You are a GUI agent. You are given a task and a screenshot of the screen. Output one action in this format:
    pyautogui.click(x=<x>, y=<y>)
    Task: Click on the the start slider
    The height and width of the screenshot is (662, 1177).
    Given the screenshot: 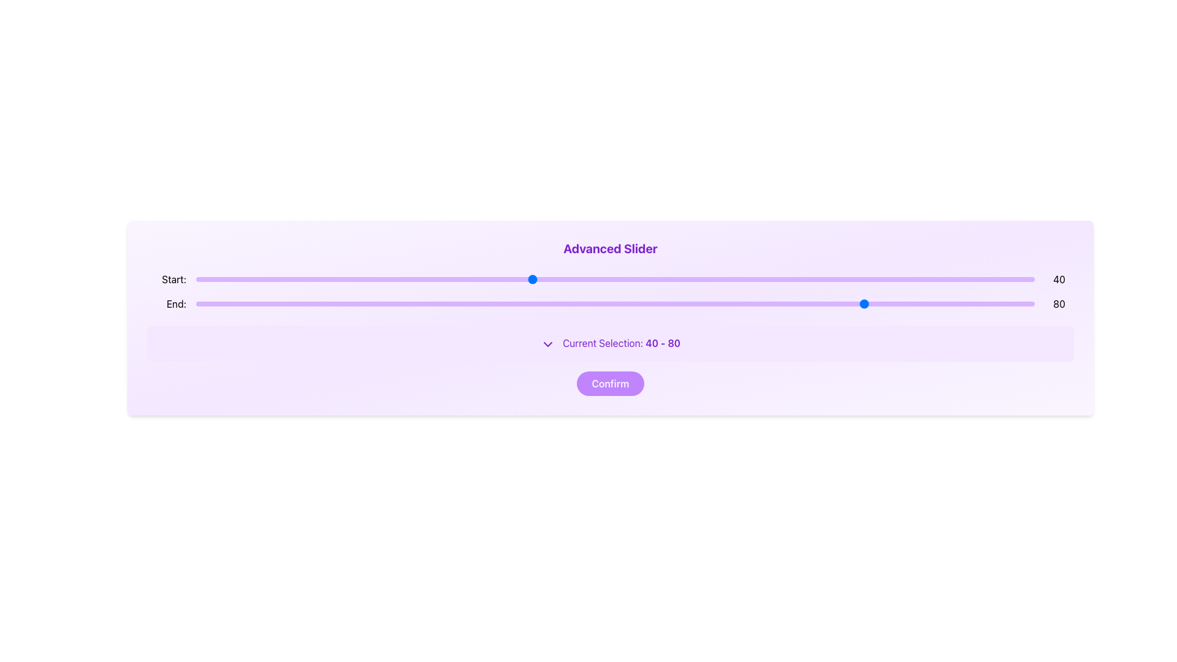 What is the action you would take?
    pyautogui.click(x=573, y=279)
    